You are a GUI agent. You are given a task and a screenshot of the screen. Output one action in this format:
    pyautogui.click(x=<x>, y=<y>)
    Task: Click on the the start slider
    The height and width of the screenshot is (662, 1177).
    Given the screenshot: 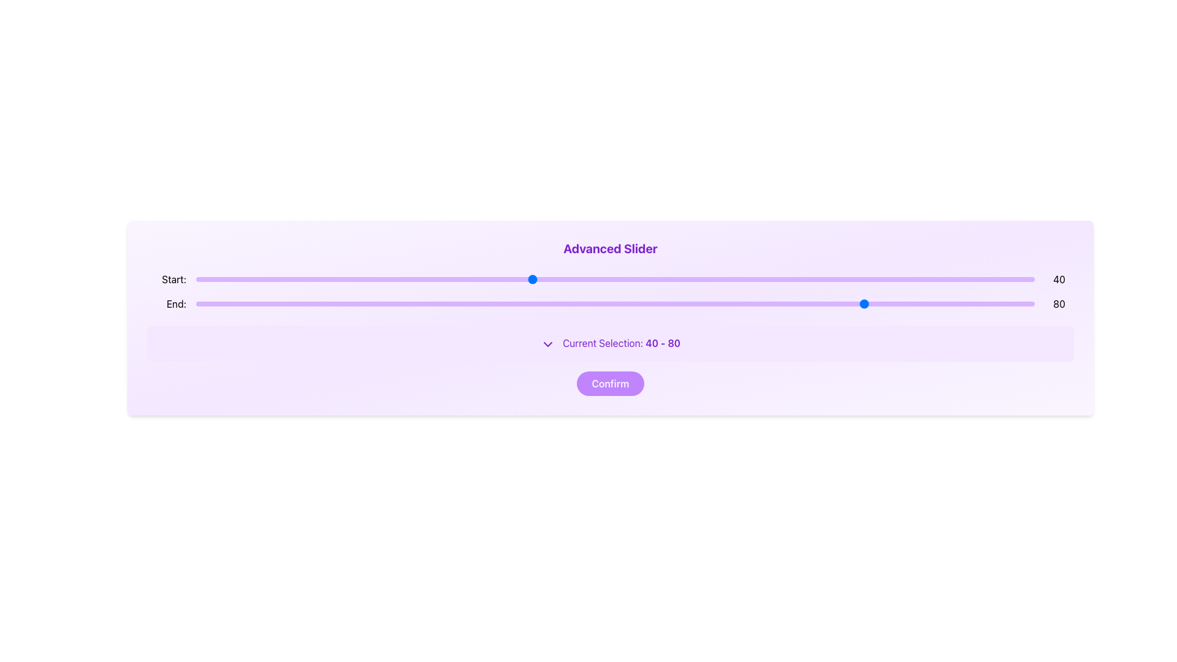 What is the action you would take?
    pyautogui.click(x=573, y=279)
    